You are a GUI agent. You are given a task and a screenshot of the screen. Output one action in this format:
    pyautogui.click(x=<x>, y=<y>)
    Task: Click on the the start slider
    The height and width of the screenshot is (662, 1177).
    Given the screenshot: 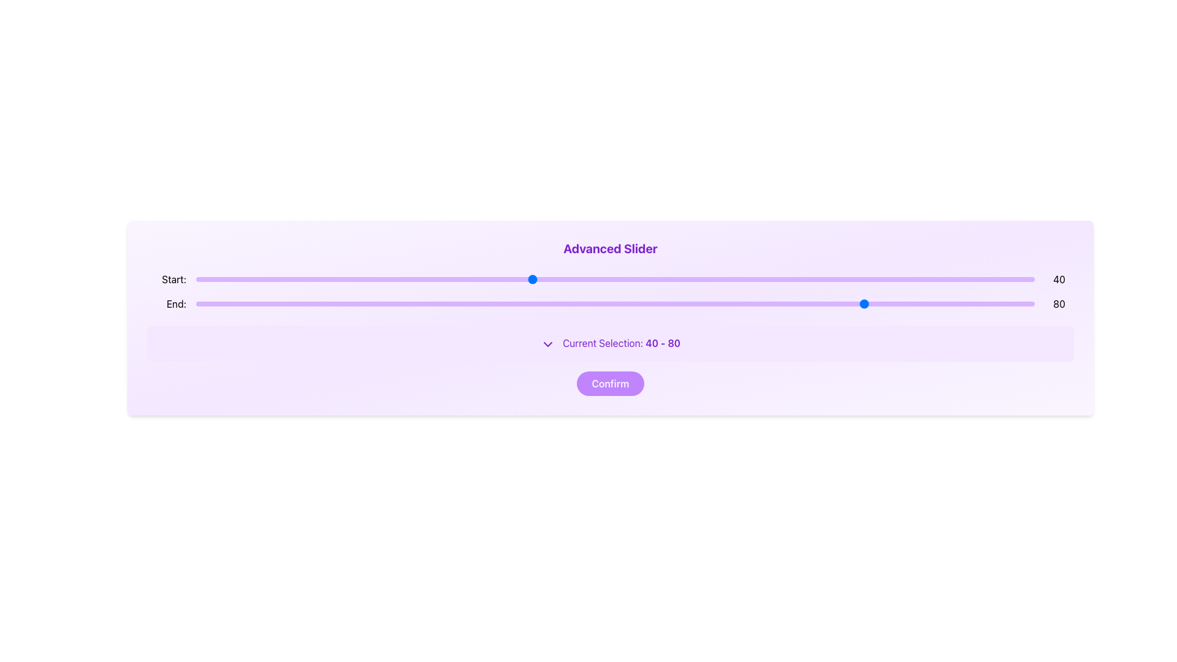 What is the action you would take?
    pyautogui.click(x=573, y=279)
    